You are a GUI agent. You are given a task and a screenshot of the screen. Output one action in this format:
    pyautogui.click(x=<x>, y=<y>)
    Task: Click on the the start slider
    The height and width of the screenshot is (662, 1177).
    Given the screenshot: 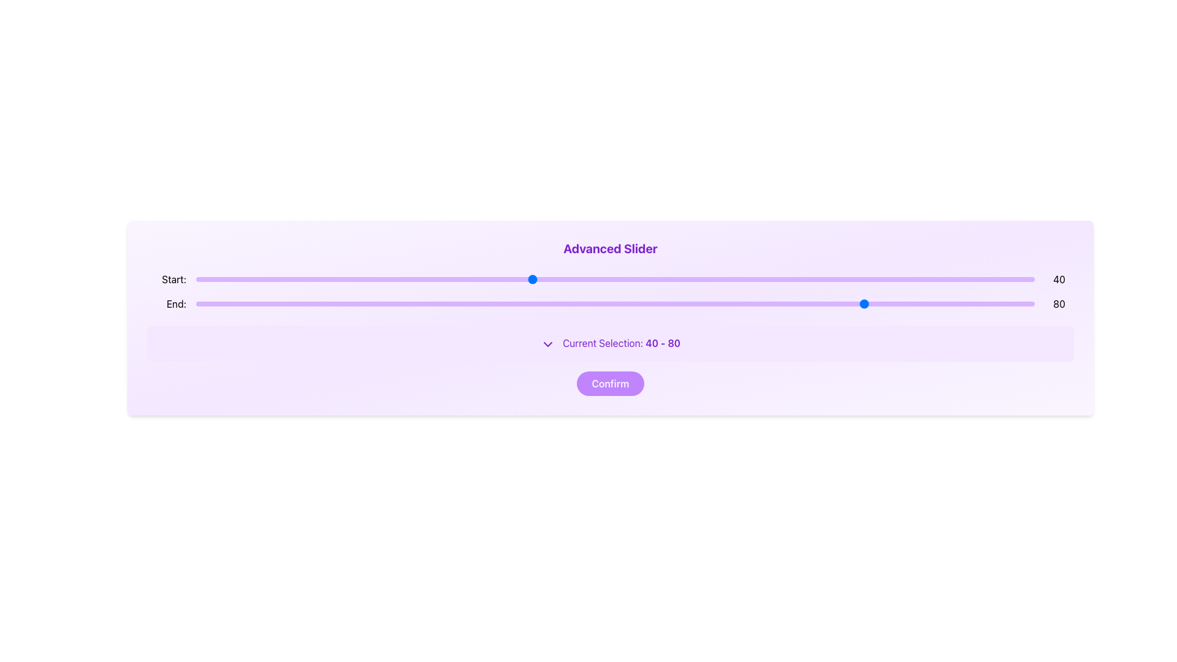 What is the action you would take?
    pyautogui.click(x=573, y=279)
    